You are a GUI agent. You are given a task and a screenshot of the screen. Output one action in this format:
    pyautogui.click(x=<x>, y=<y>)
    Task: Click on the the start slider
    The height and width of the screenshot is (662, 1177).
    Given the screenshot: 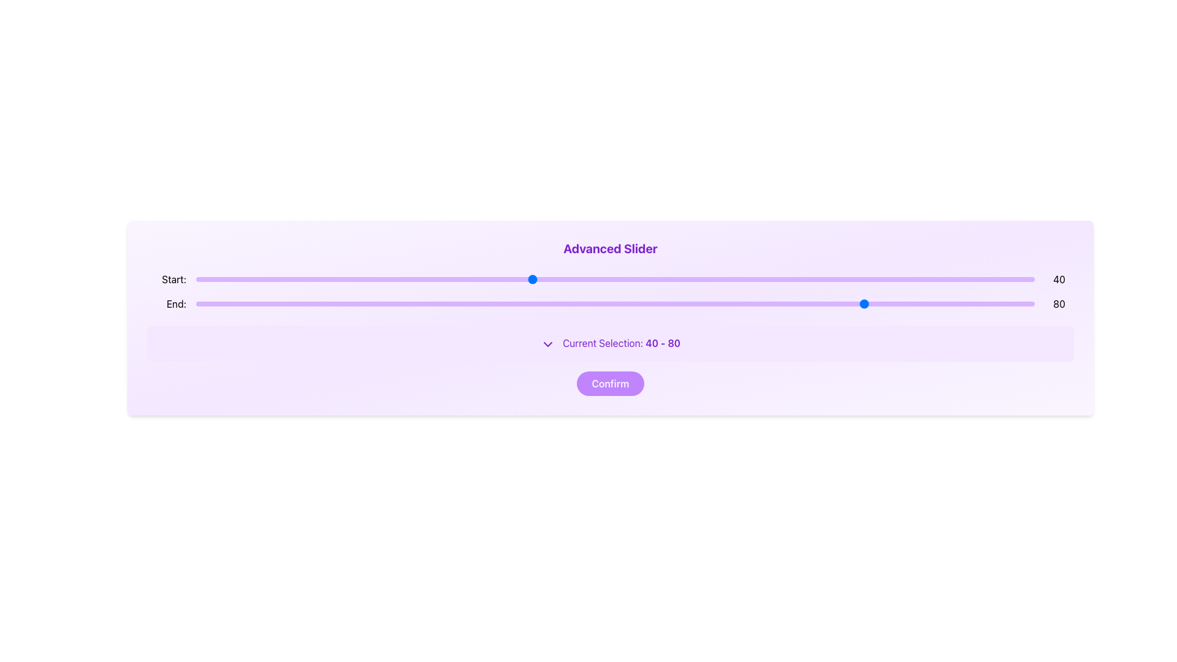 What is the action you would take?
    pyautogui.click(x=573, y=279)
    